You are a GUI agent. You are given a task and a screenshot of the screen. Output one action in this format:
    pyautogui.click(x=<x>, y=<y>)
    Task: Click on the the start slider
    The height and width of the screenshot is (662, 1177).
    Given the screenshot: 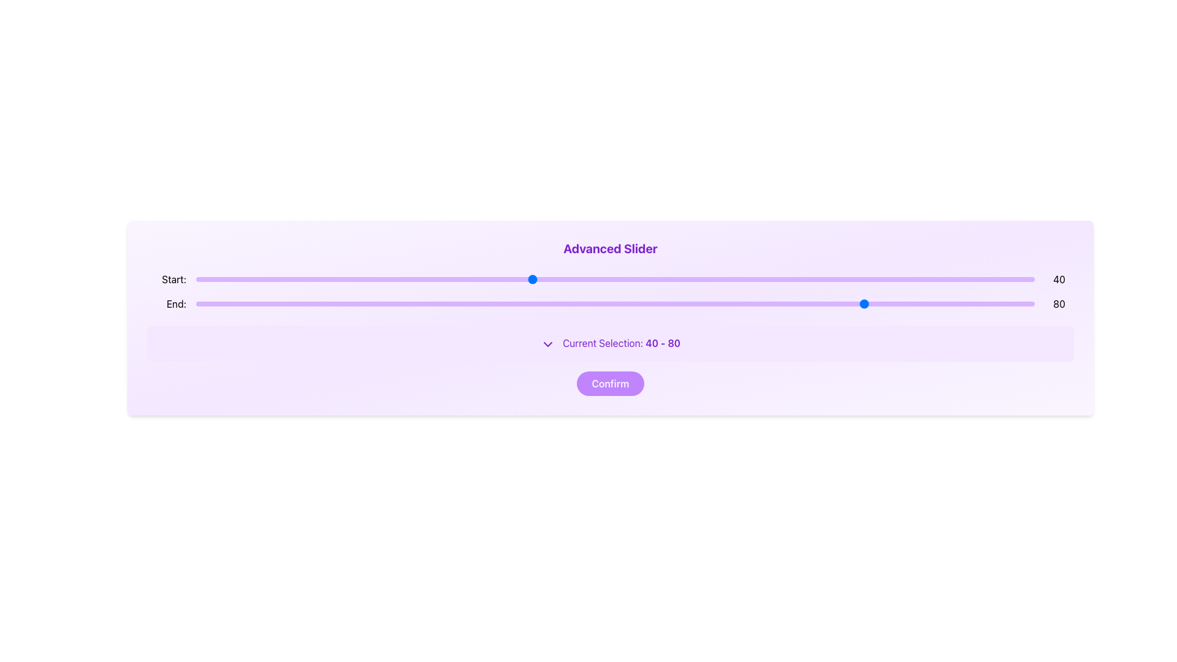 What is the action you would take?
    pyautogui.click(x=573, y=279)
    